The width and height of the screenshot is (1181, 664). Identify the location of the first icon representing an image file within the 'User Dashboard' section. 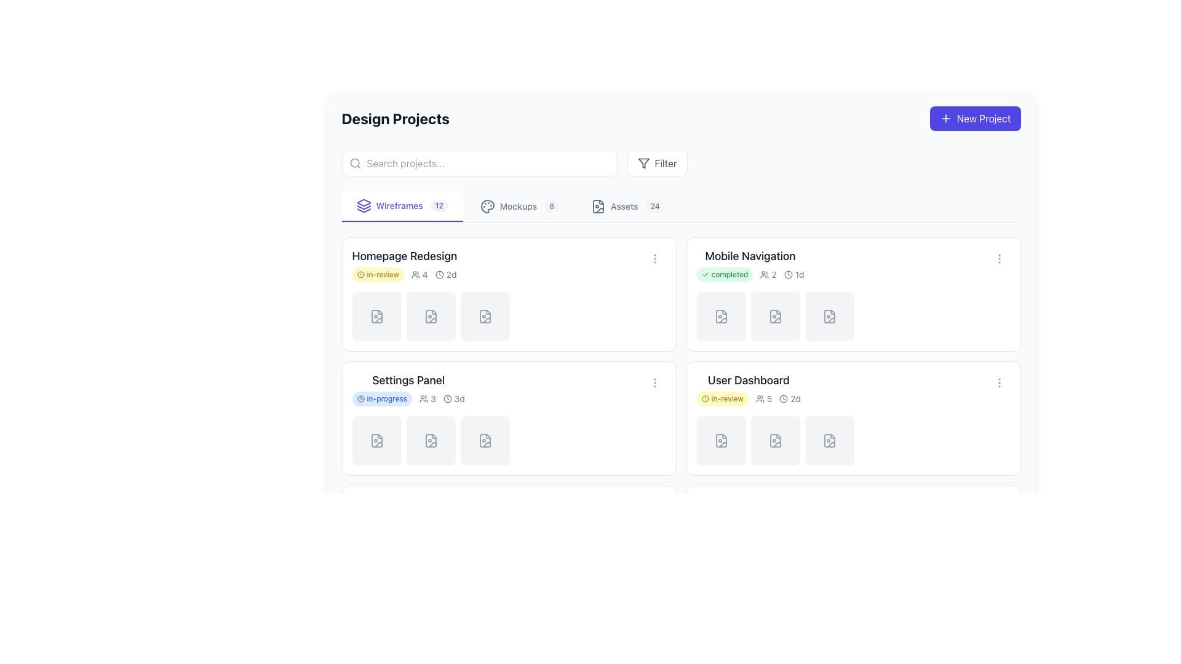
(721, 440).